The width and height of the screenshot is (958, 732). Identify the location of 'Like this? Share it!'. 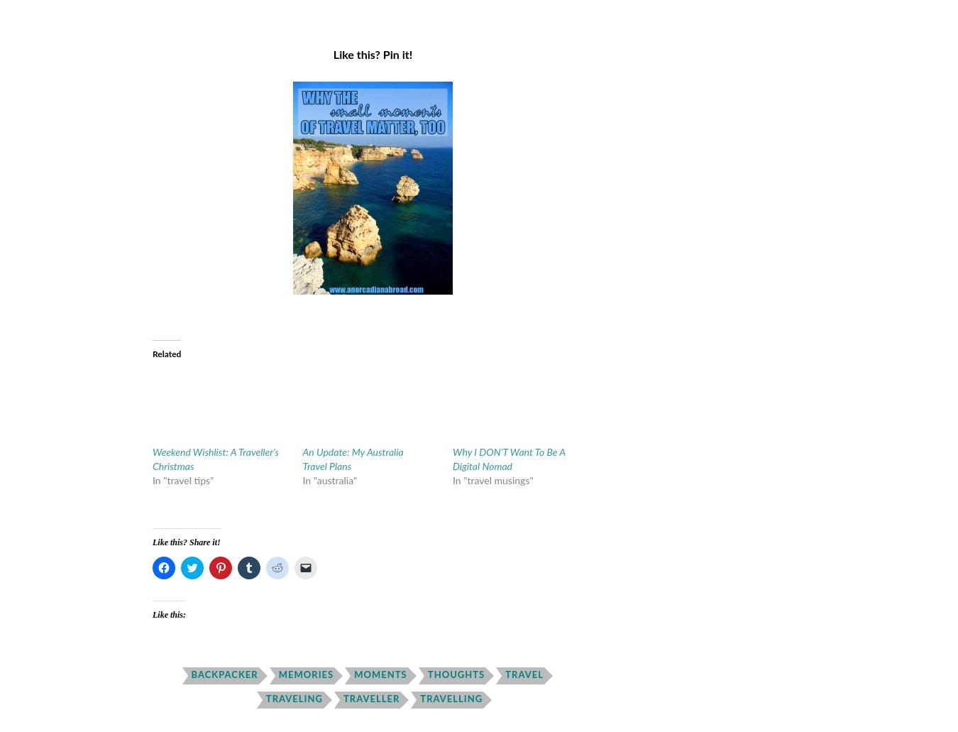
(185, 541).